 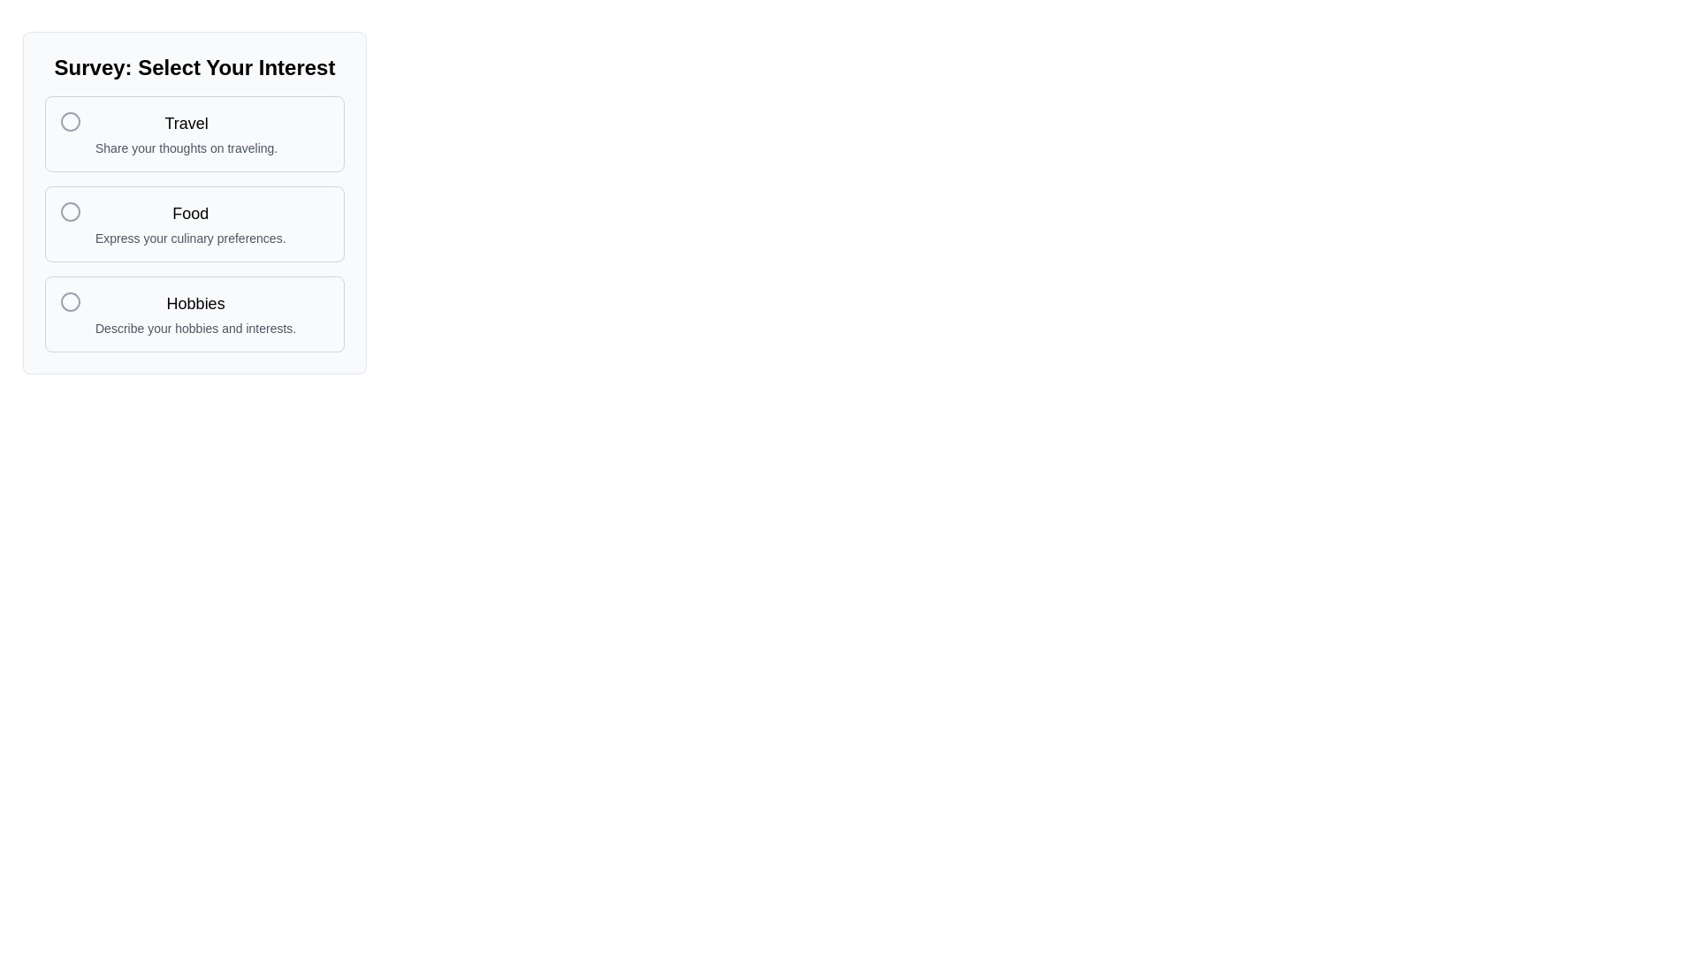 I want to click on the radio button for 'Food' option located centrally below the 'Travel' option and above the 'Hobbies' option, so click(x=194, y=223).